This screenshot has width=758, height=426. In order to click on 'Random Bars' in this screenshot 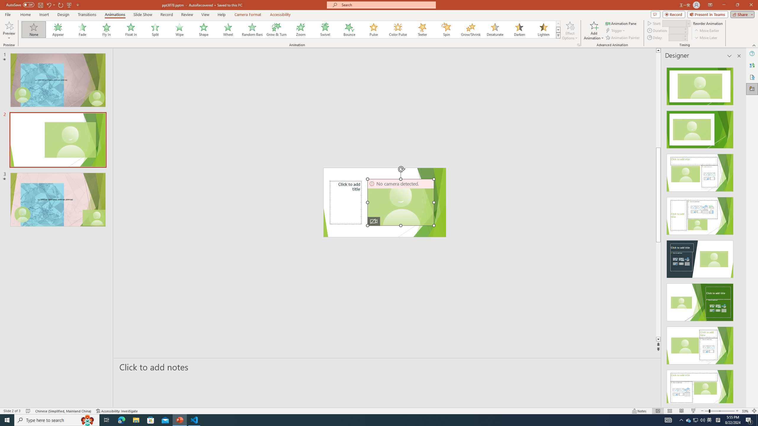, I will do `click(252, 29)`.